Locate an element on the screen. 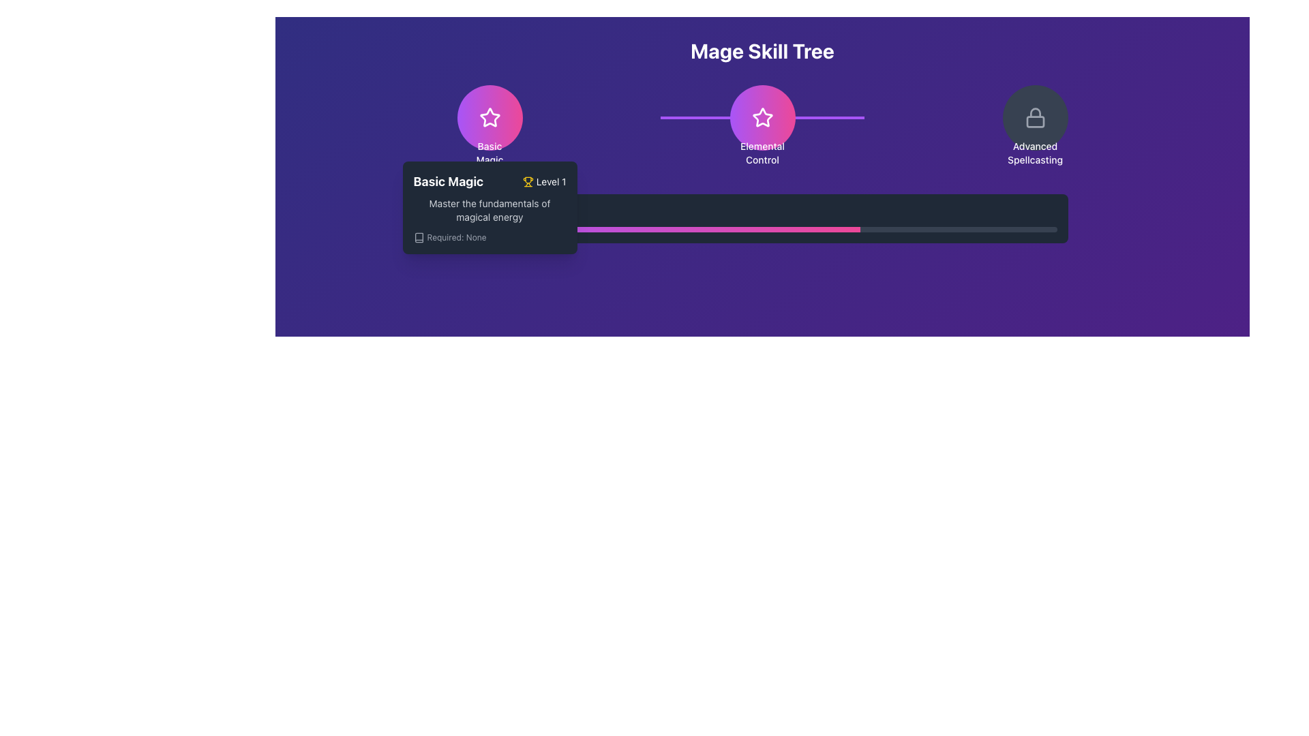 This screenshot has width=1309, height=736. the circular icon with a lock symbol and the text 'Advanced Spellcasting' is located at coordinates (1035, 117).